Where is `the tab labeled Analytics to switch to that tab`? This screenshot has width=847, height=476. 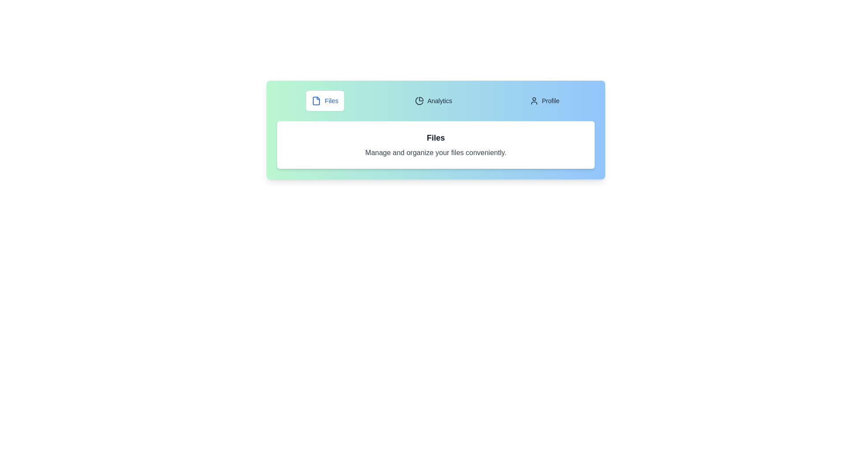
the tab labeled Analytics to switch to that tab is located at coordinates (433, 100).